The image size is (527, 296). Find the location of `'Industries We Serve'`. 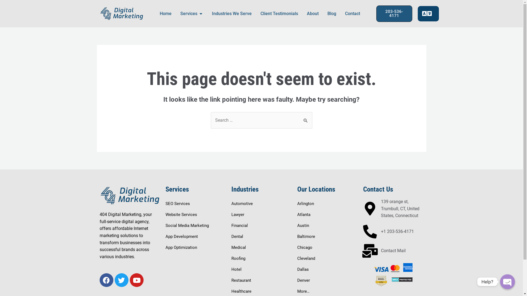

'Industries We Serve' is located at coordinates (212, 13).